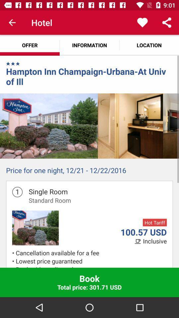  I want to click on the icon above the price for one item, so click(130, 126).